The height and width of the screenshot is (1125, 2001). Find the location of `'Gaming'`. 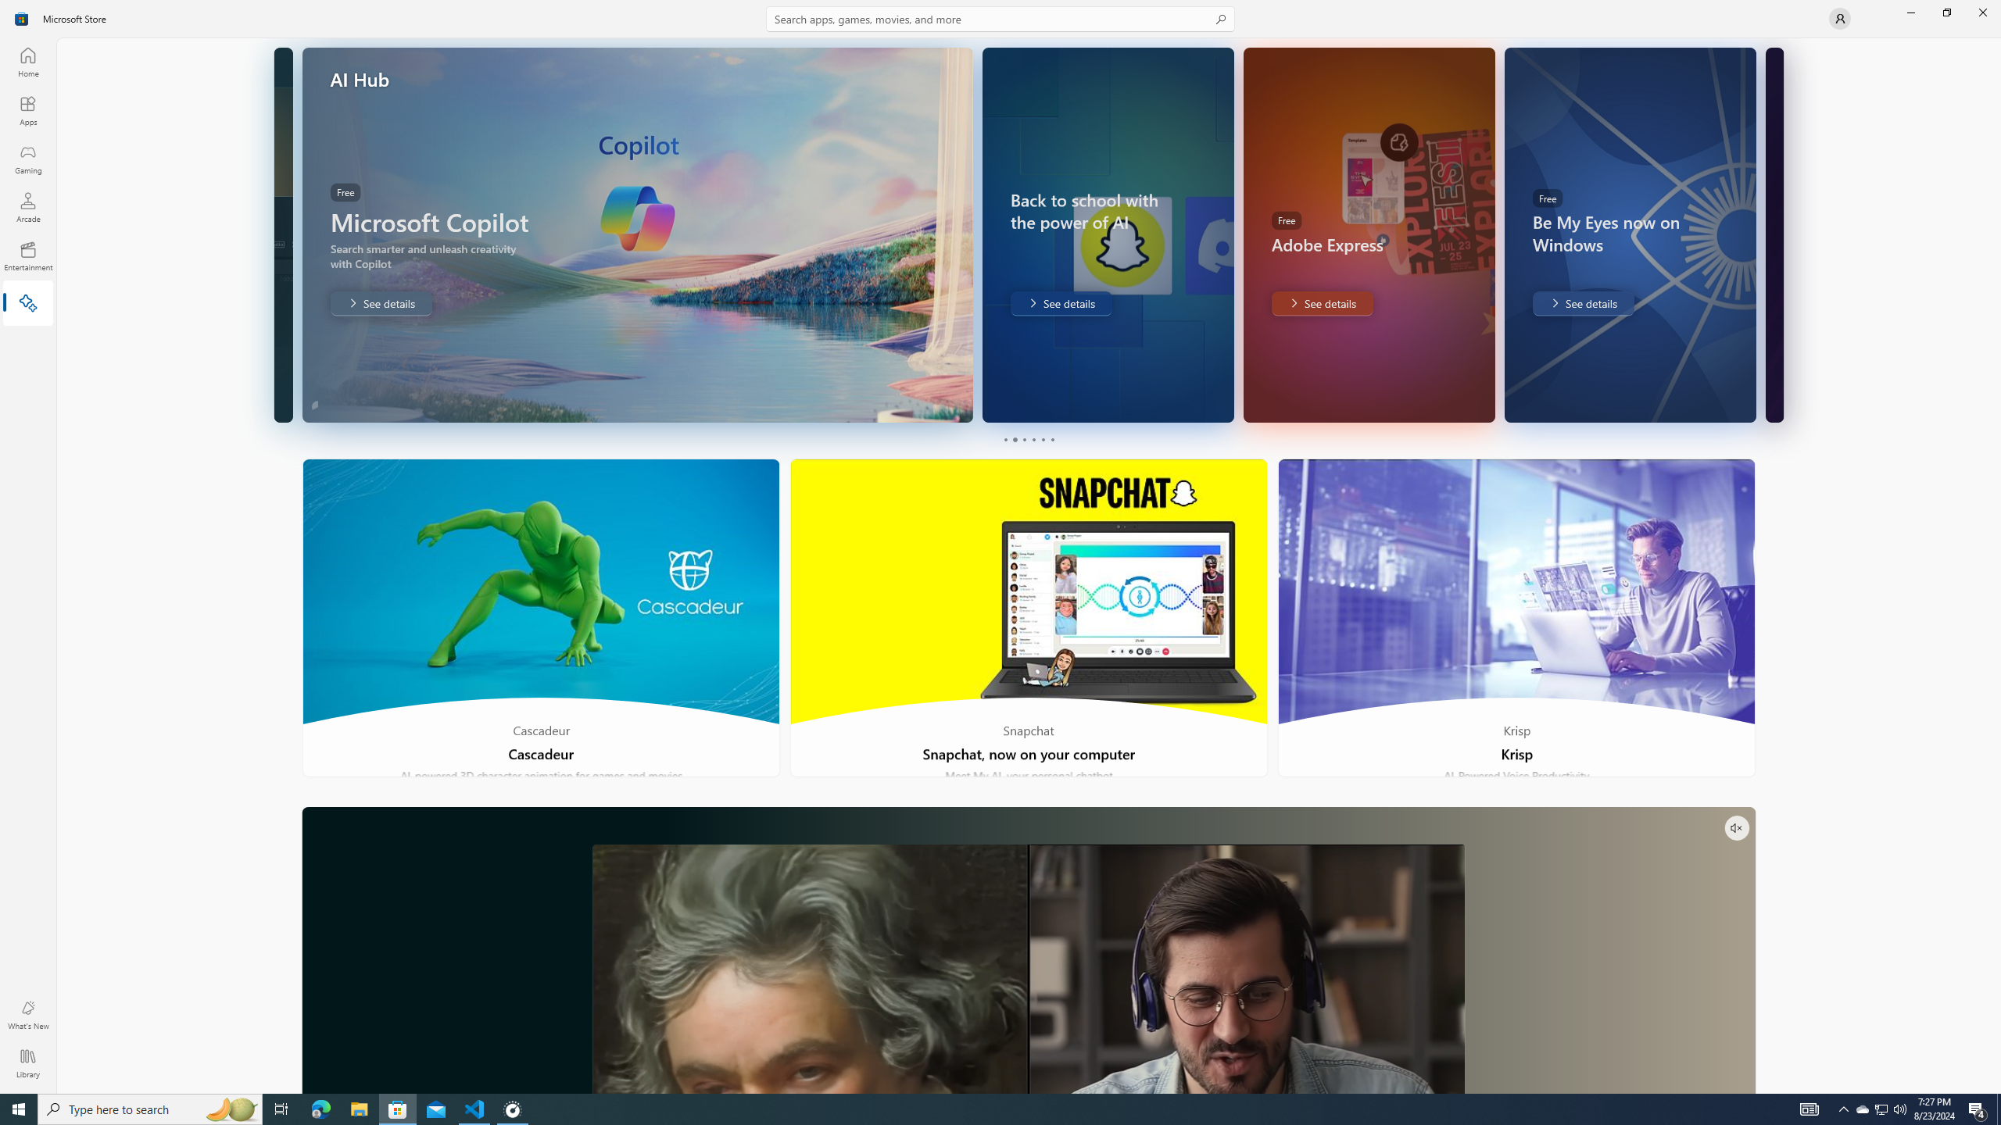

'Gaming' is located at coordinates (27, 158).